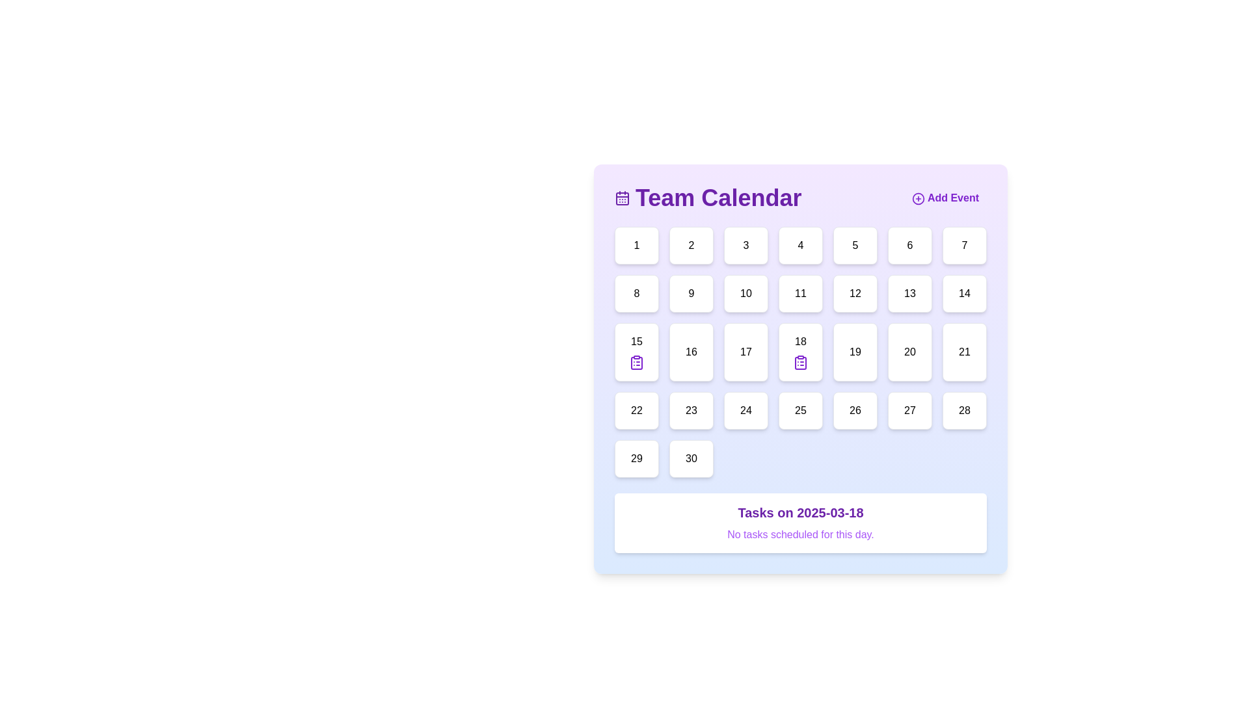  Describe the element at coordinates (799, 534) in the screenshot. I see `the informational text label that notifies users about no tasks scheduled for the selected day, located below the 'Tasks on 2025-03-18' heading` at that location.